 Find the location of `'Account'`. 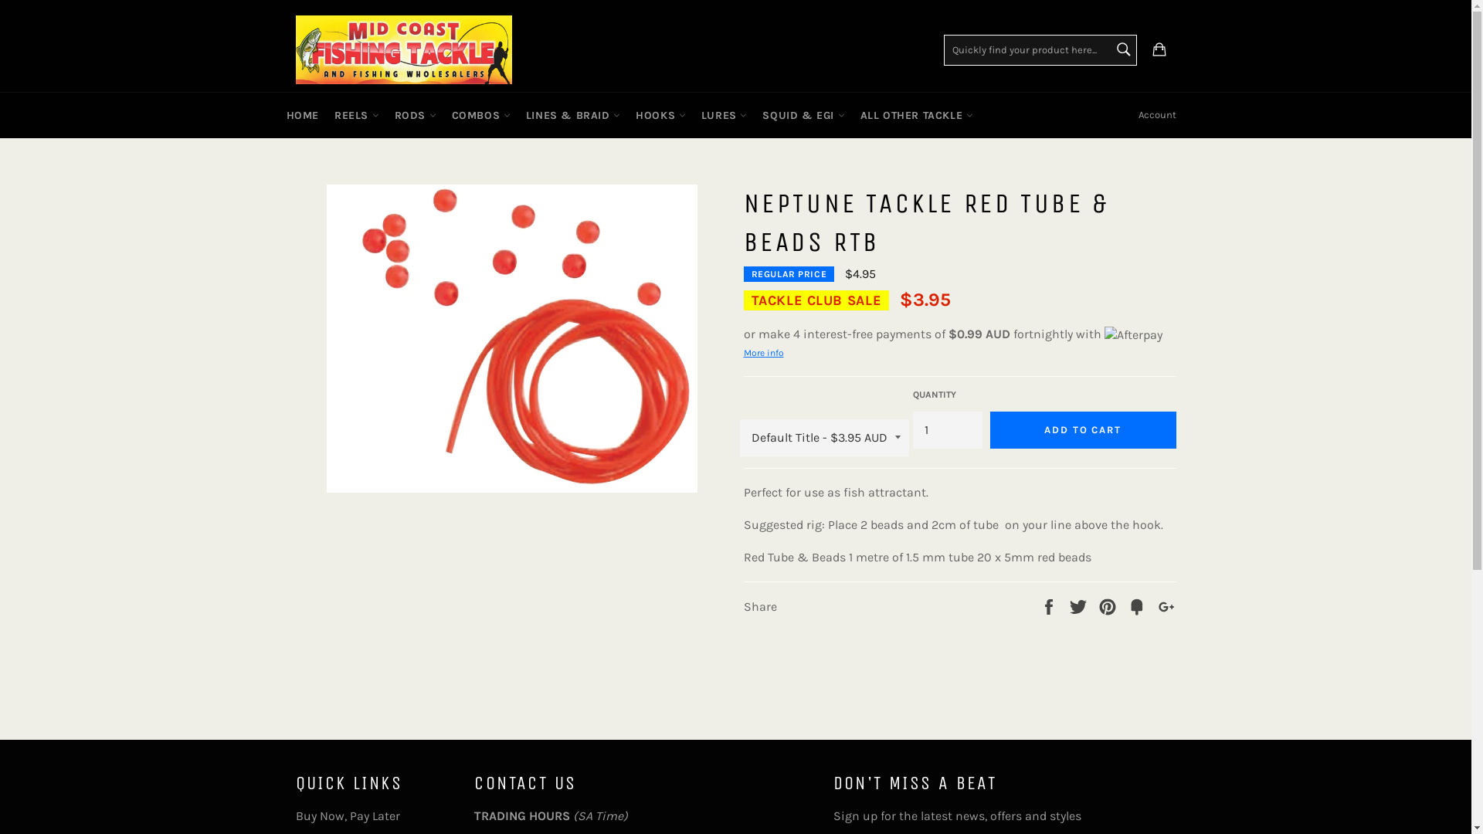

'Account' is located at coordinates (1157, 114).